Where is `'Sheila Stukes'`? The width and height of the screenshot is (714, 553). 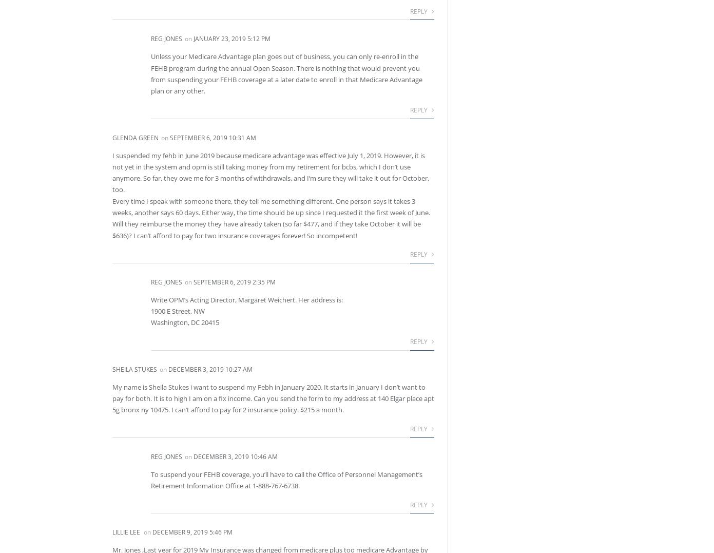 'Sheila Stukes' is located at coordinates (112, 369).